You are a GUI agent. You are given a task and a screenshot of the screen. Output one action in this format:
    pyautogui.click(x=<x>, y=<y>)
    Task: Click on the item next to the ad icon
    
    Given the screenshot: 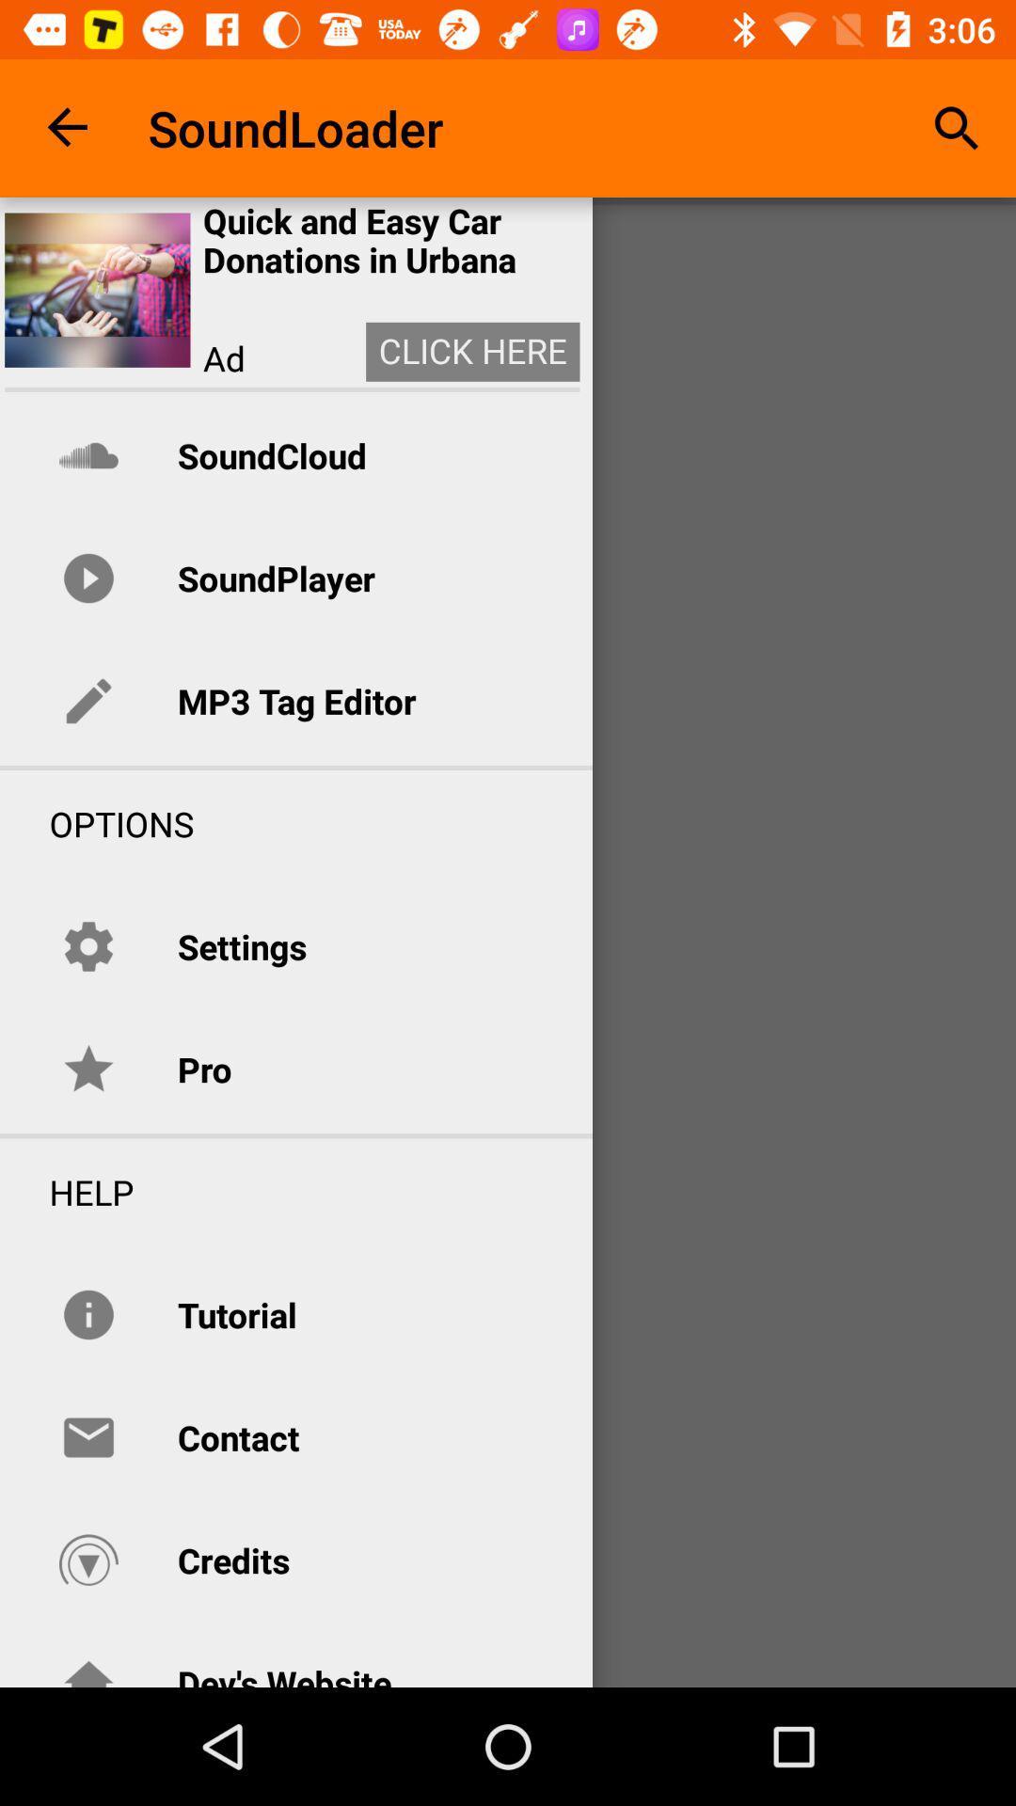 What is the action you would take?
    pyautogui.click(x=471, y=352)
    